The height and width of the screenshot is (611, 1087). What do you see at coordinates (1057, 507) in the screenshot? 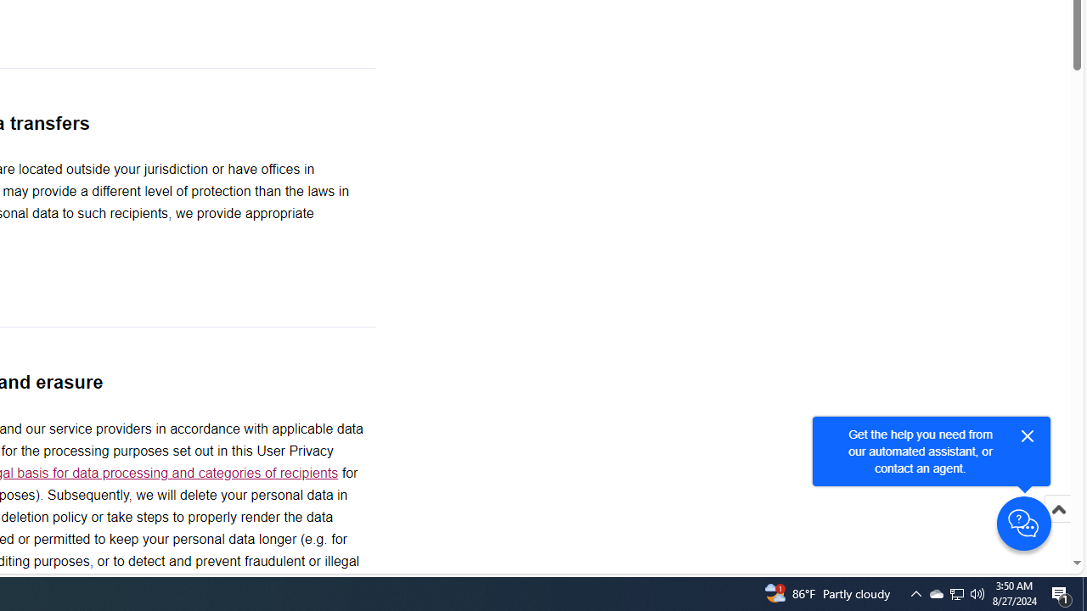
I see `'Scroll to top'` at bounding box center [1057, 507].